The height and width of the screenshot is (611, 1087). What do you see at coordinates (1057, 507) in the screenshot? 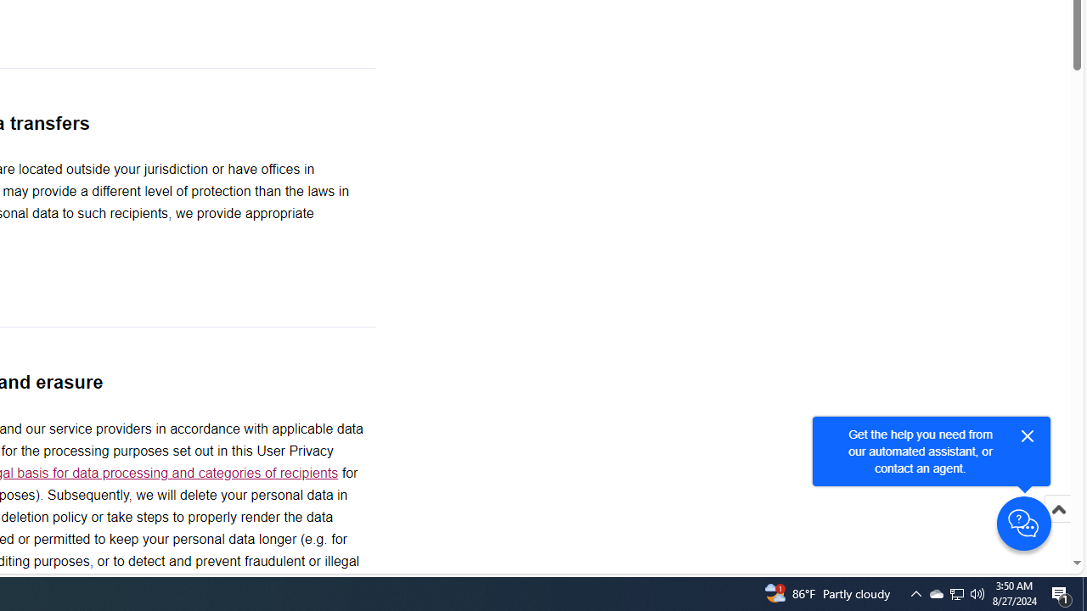
I see `'Scroll to top'` at bounding box center [1057, 507].